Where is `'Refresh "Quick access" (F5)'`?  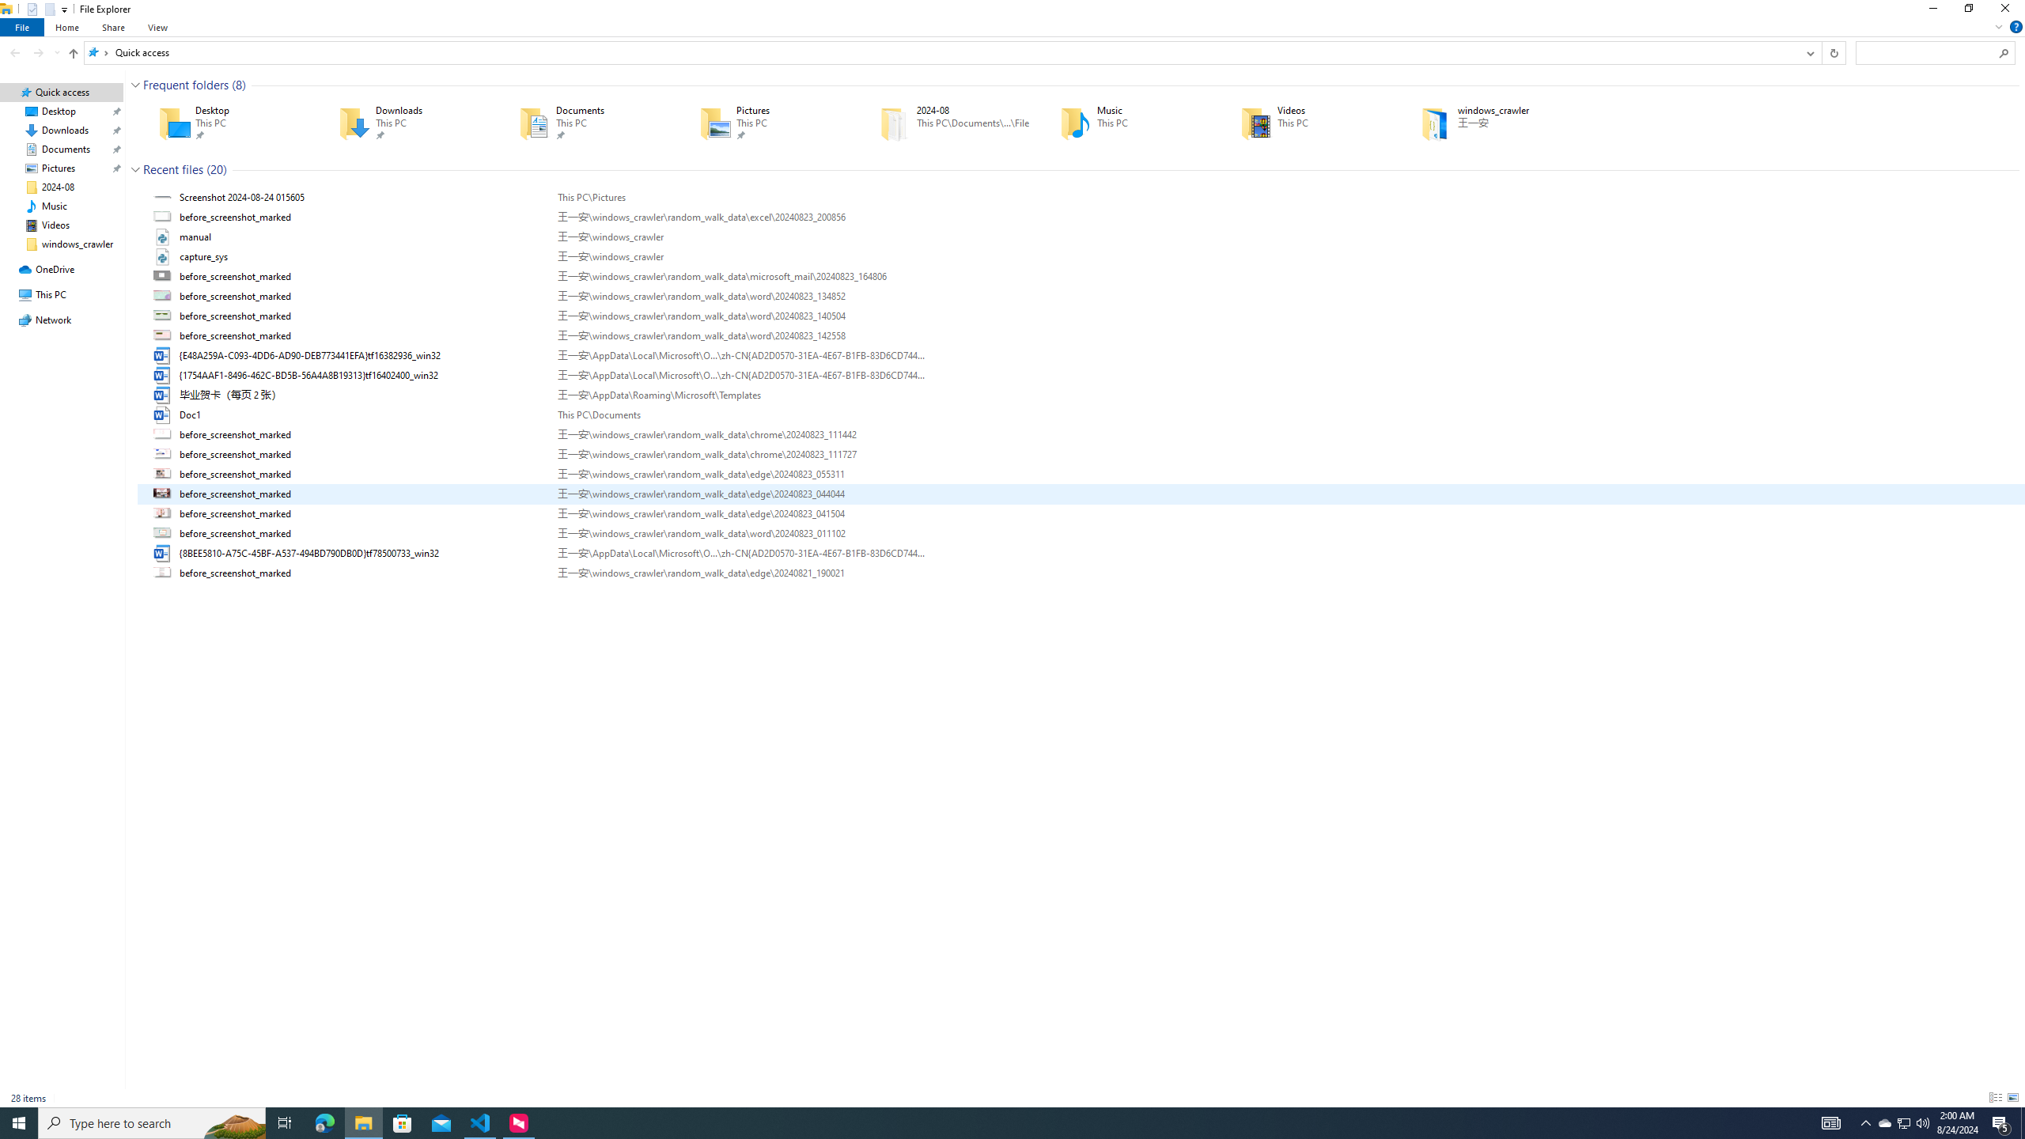
'Refresh "Quick access" (F5)' is located at coordinates (1834, 51).